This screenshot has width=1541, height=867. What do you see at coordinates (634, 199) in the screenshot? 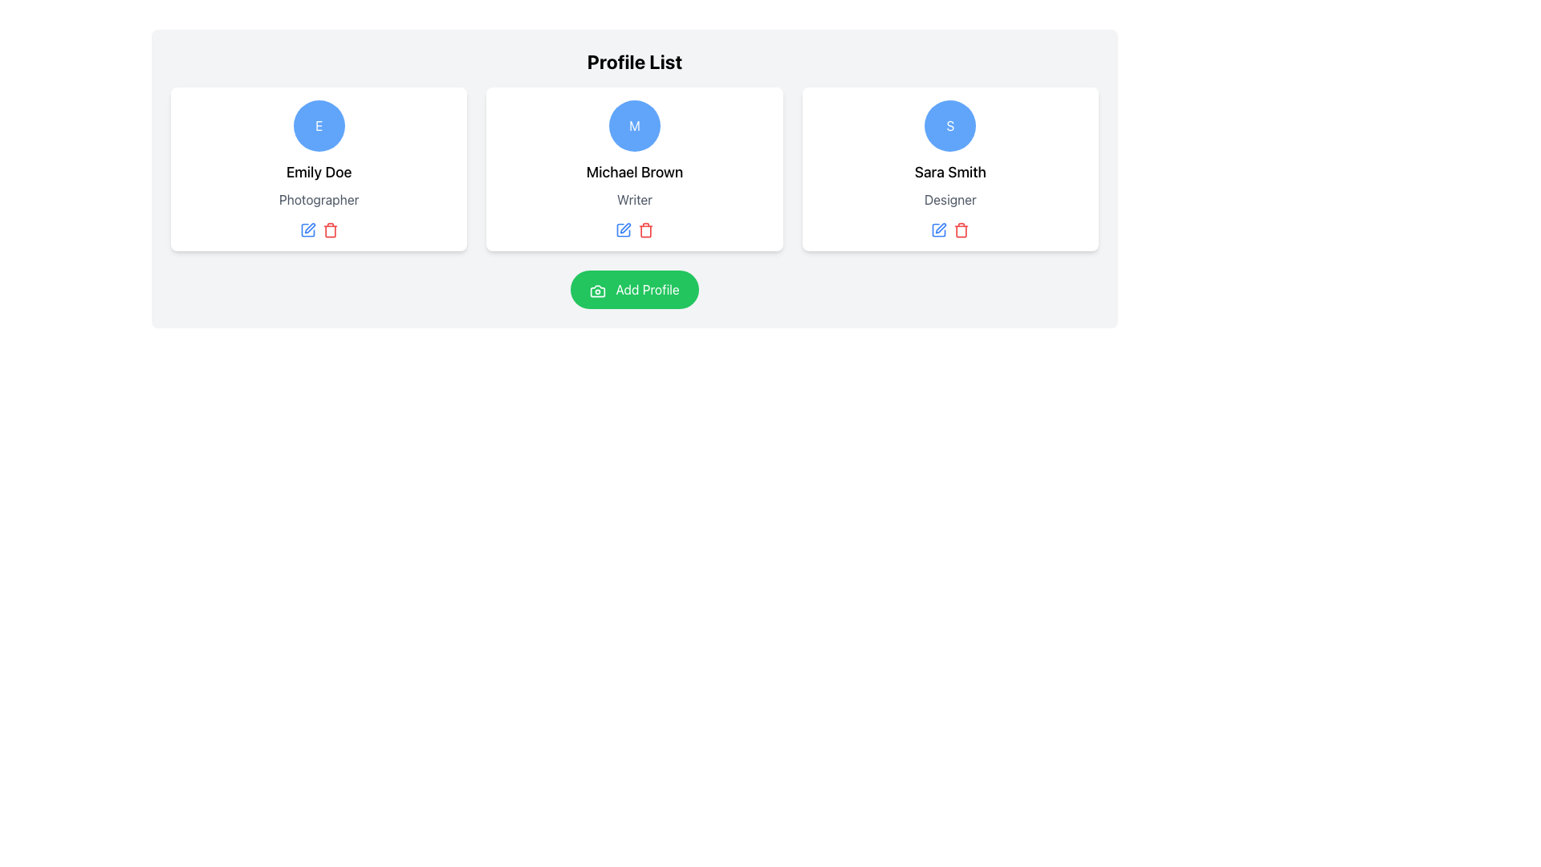
I see `the Text Label indicating the role of Michael Brown as a writer, which is located underneath the name label in the card` at bounding box center [634, 199].